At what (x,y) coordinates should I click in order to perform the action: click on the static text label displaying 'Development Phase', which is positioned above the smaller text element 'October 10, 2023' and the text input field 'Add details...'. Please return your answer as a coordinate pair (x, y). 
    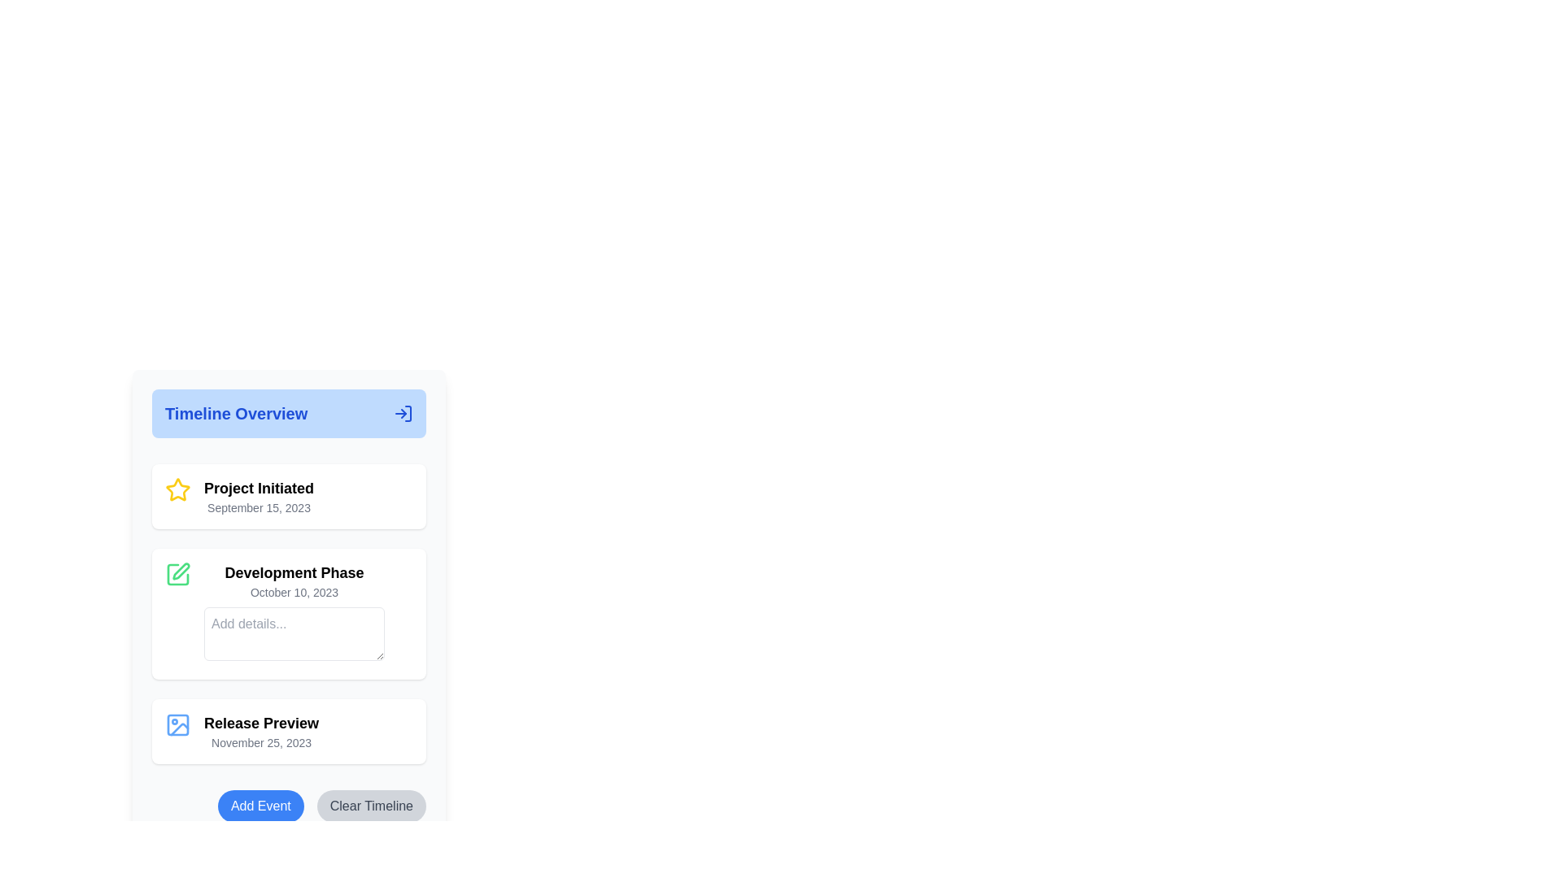
    Looking at the image, I should click on (294, 572).